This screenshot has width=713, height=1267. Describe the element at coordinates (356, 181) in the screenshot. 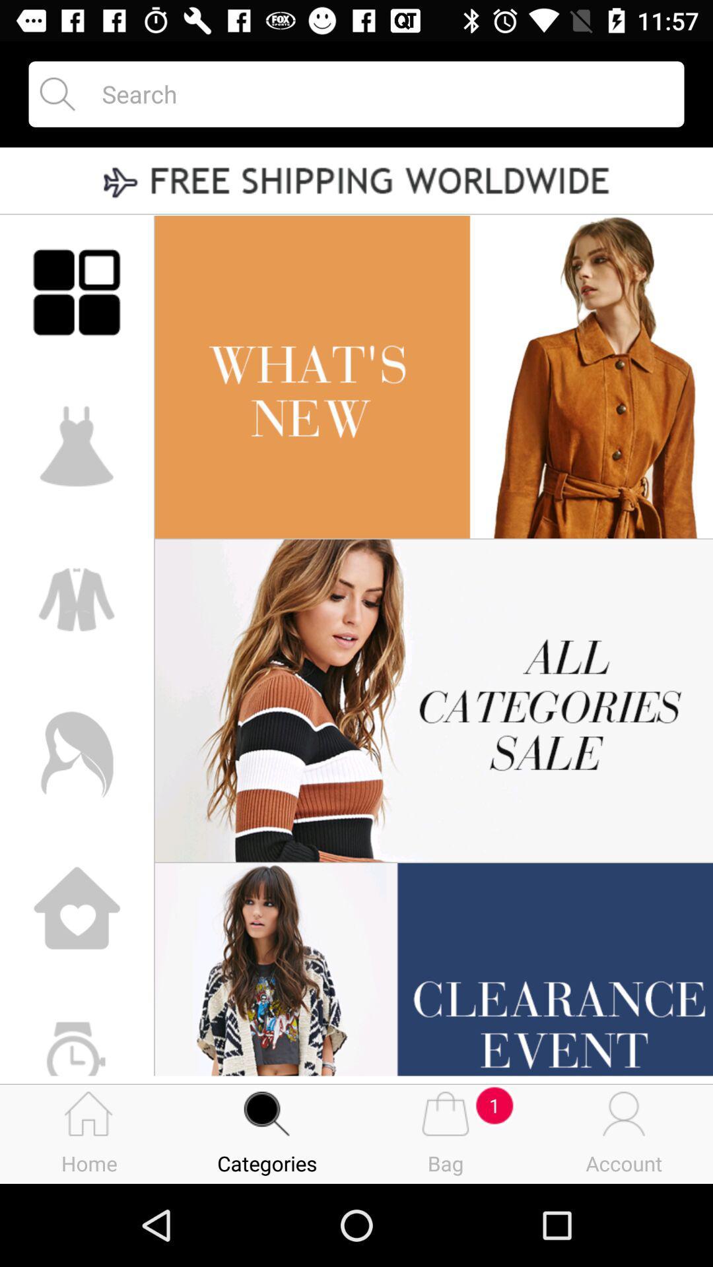

I see `free shipping worldwide link` at that location.